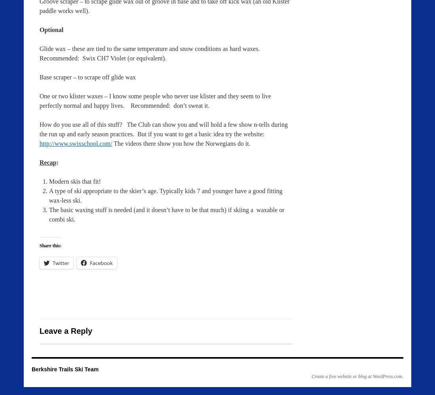 This screenshot has width=435, height=395. Describe the element at coordinates (163, 129) in the screenshot. I see `'How do you use all of this stuff?   The Club can show you and will hold a few show n-tells during the run up and early season practices.  But if you want to get a basic idea try the website:'` at that location.